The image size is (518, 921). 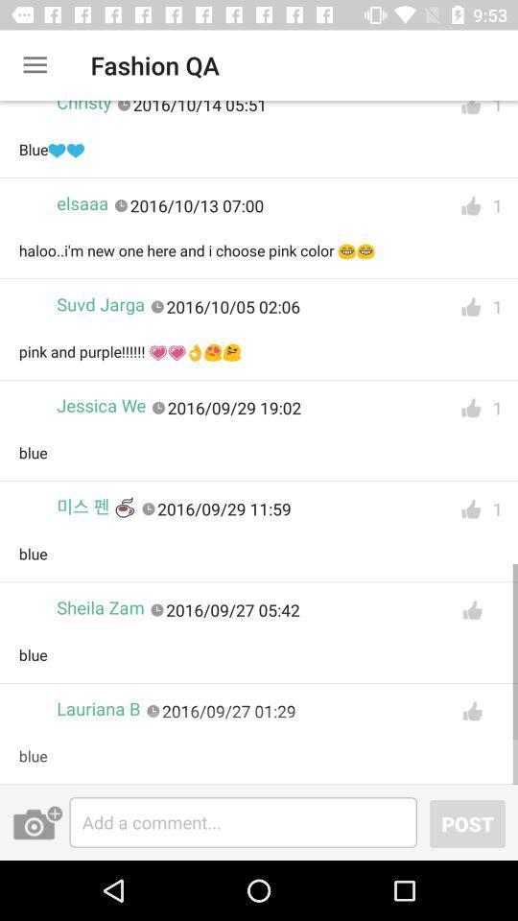 I want to click on the icon next to the post, so click(x=243, y=821).